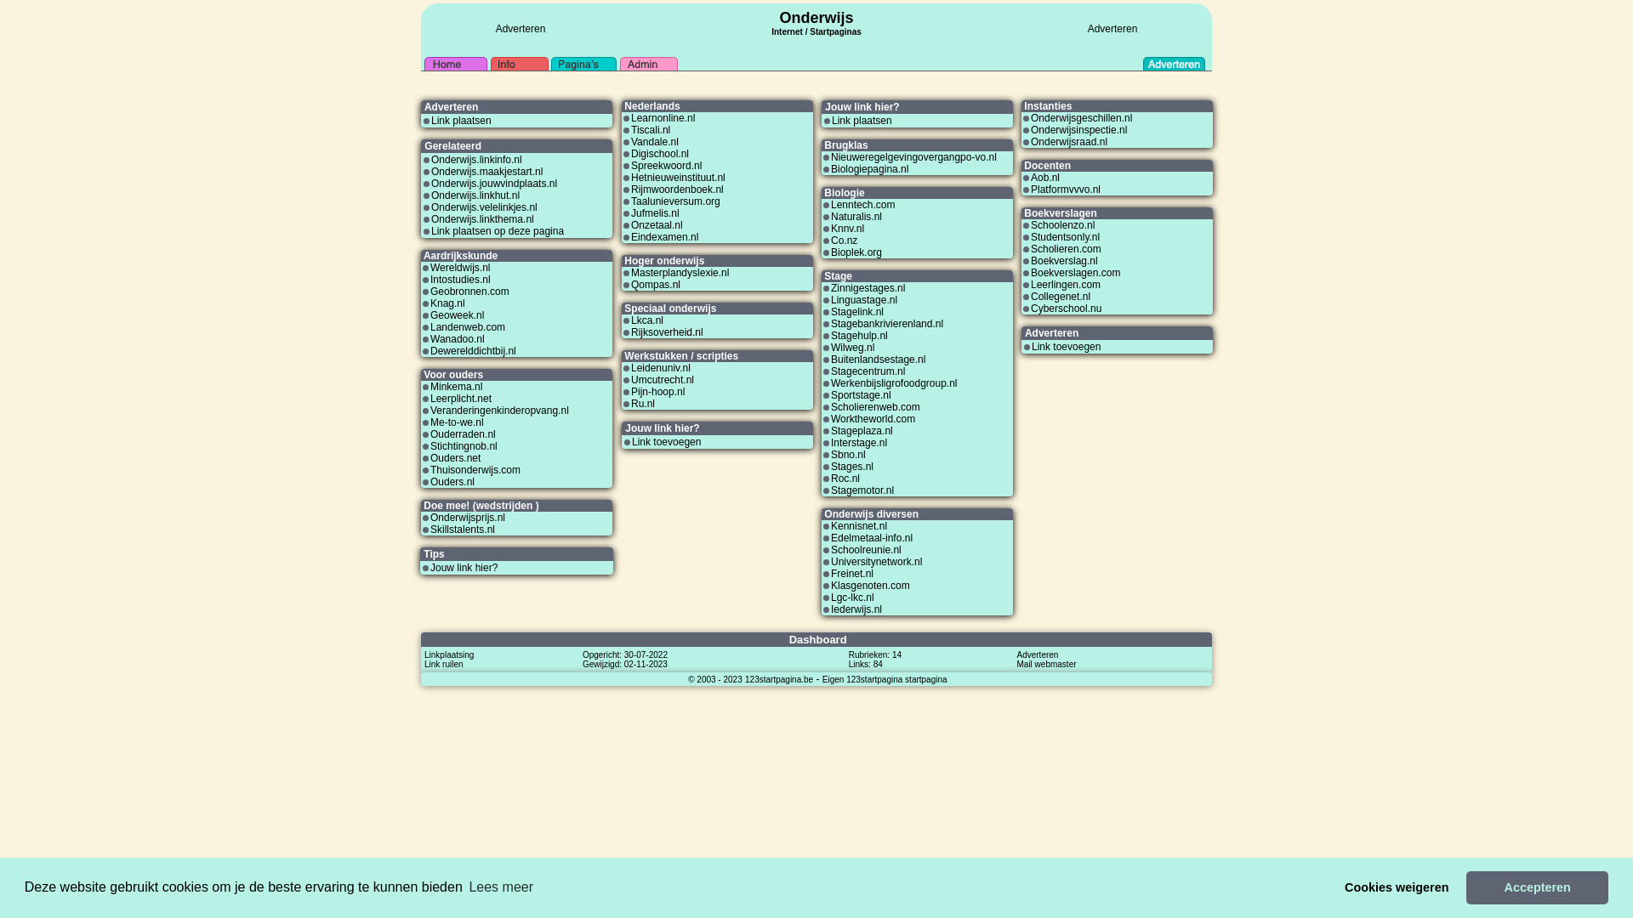 The height and width of the screenshot is (918, 1633). What do you see at coordinates (845, 479) in the screenshot?
I see `'Roc.nl'` at bounding box center [845, 479].